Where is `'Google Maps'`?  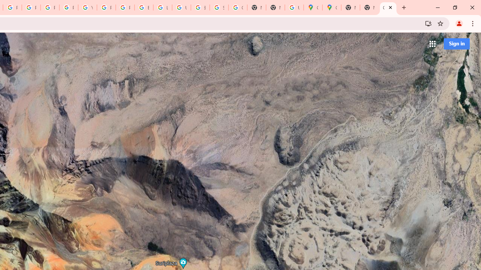
'Google Maps' is located at coordinates (313, 7).